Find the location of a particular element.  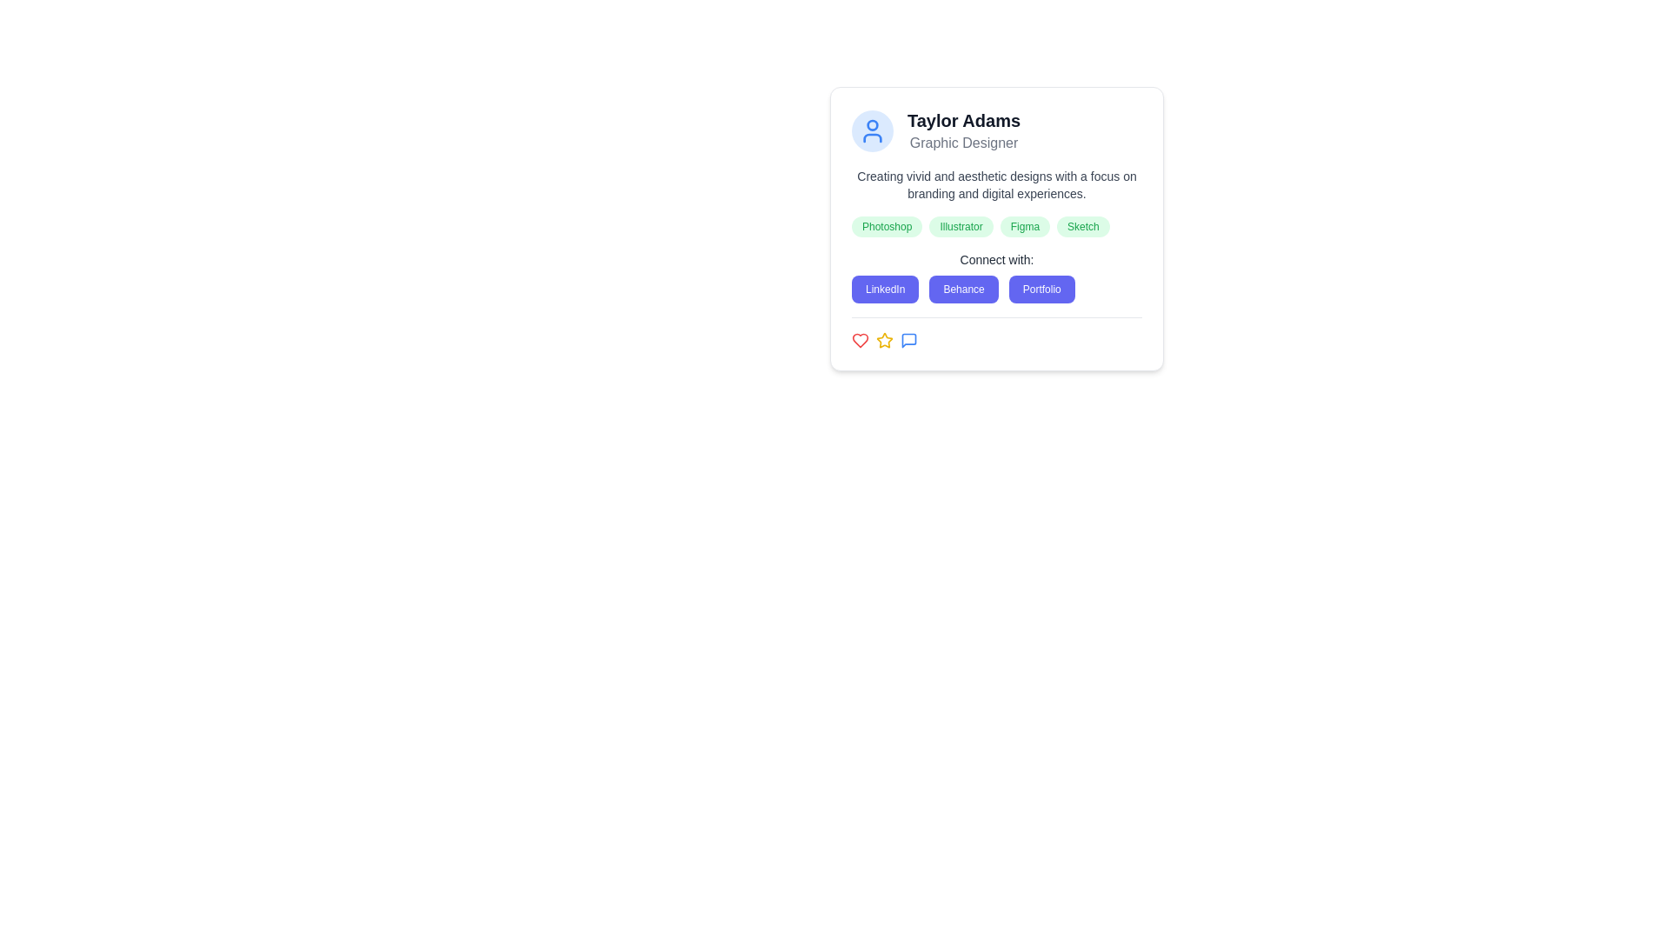

the 'Illustrator' badge, which is a small rectangular badge with a green background, located beneath a descriptive text block on a profile card and is the second badge in a row of similar badges is located at coordinates (961, 226).